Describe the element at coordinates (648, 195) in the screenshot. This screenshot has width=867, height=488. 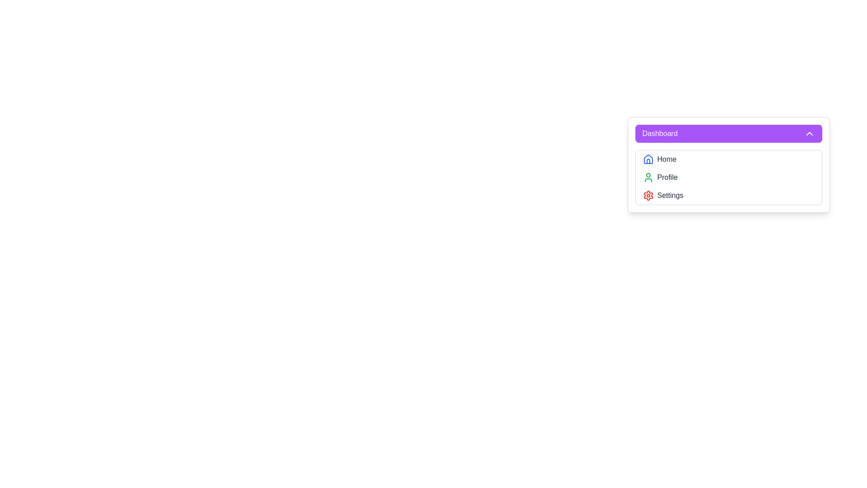
I see `the settings icon located to the left of the 'Settings' text in the dropdown menu` at that location.